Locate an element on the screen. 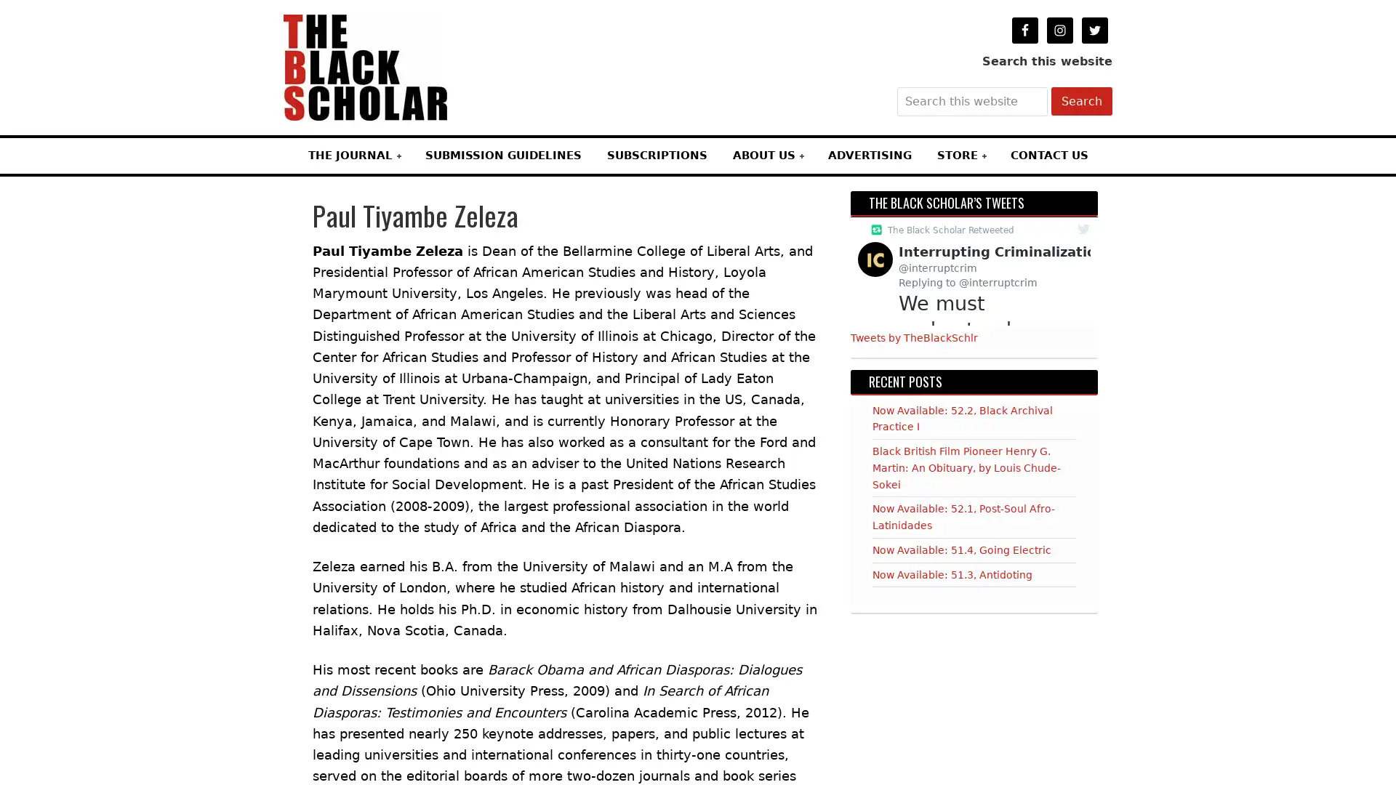  Search is located at coordinates (1082, 100).